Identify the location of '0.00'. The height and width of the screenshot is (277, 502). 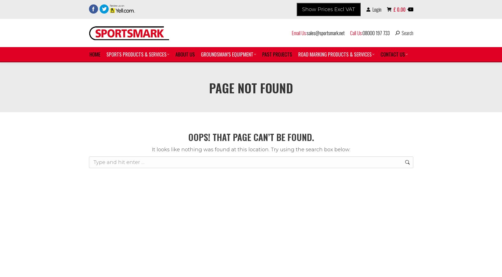
(401, 9).